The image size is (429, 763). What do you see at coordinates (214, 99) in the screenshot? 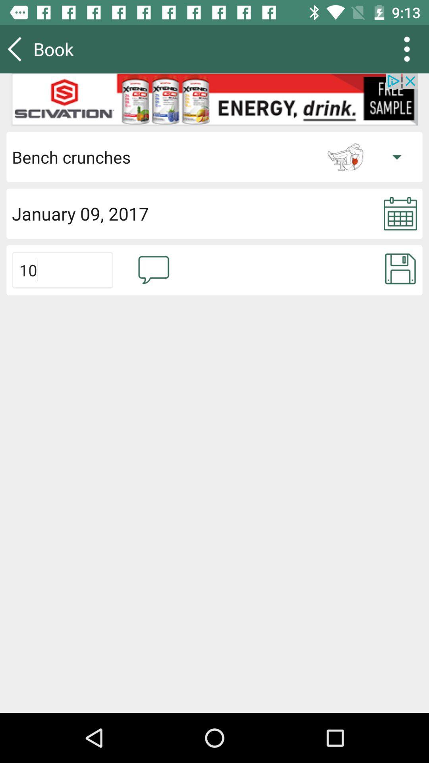
I see `banner advertisement` at bounding box center [214, 99].